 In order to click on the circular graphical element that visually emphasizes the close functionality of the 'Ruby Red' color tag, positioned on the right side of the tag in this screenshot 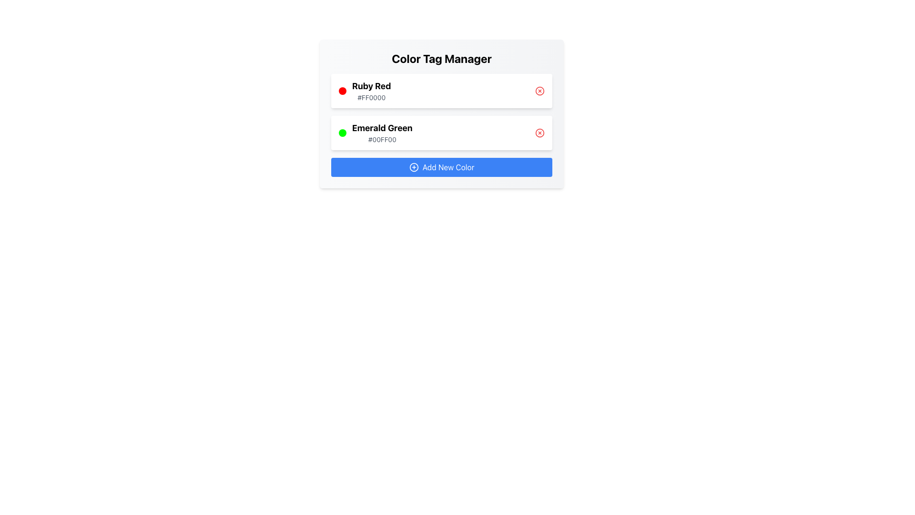, I will do `click(539, 91)`.